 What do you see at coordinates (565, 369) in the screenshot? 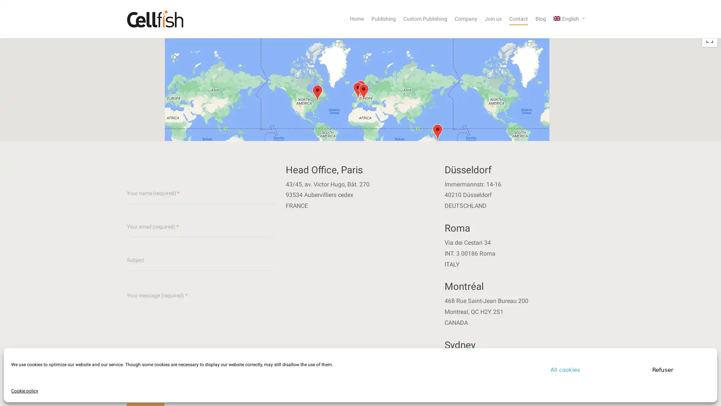
I see `All cookies` at bounding box center [565, 369].